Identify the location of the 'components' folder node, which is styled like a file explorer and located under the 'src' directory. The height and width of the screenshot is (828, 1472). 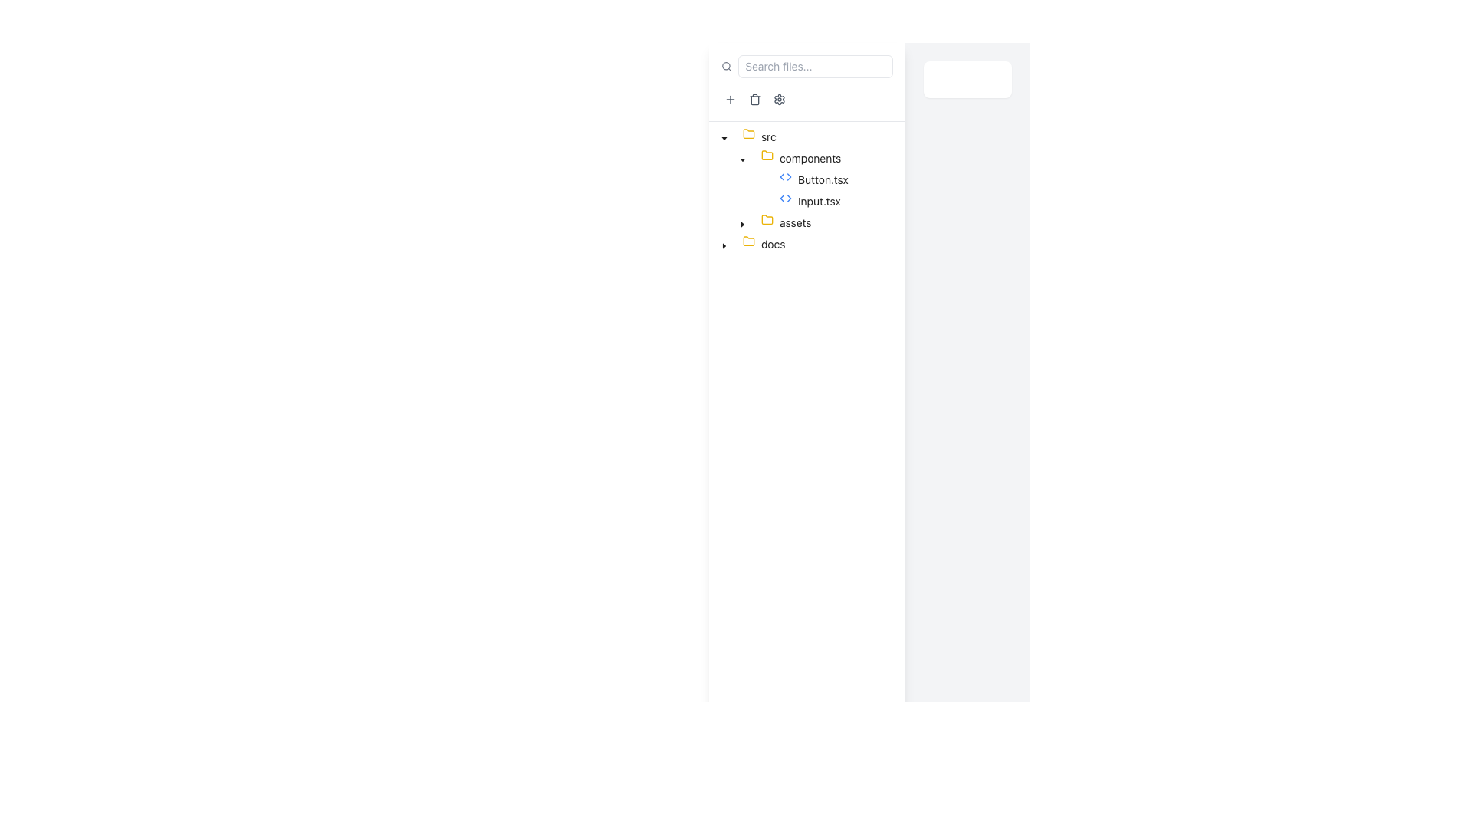
(800, 159).